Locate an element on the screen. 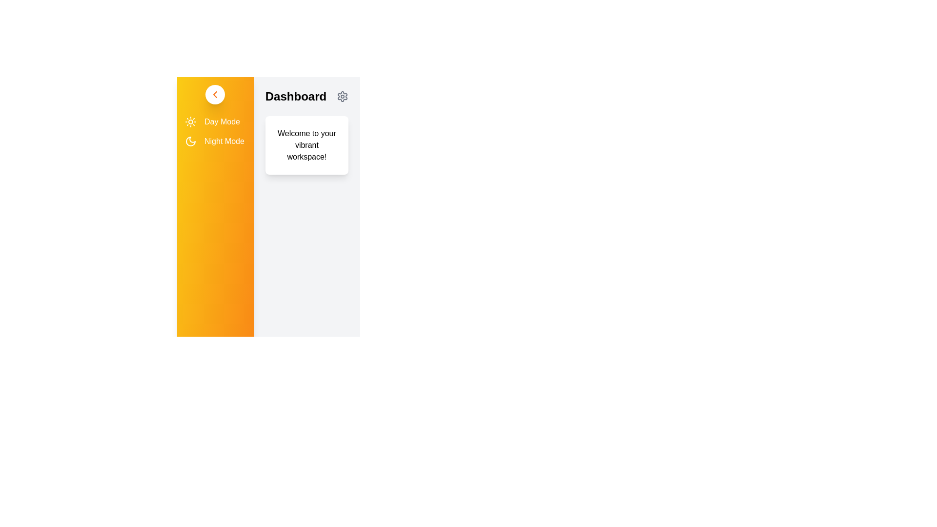 This screenshot has height=527, width=937. the settings icon in the header to access the settings is located at coordinates (342, 96).